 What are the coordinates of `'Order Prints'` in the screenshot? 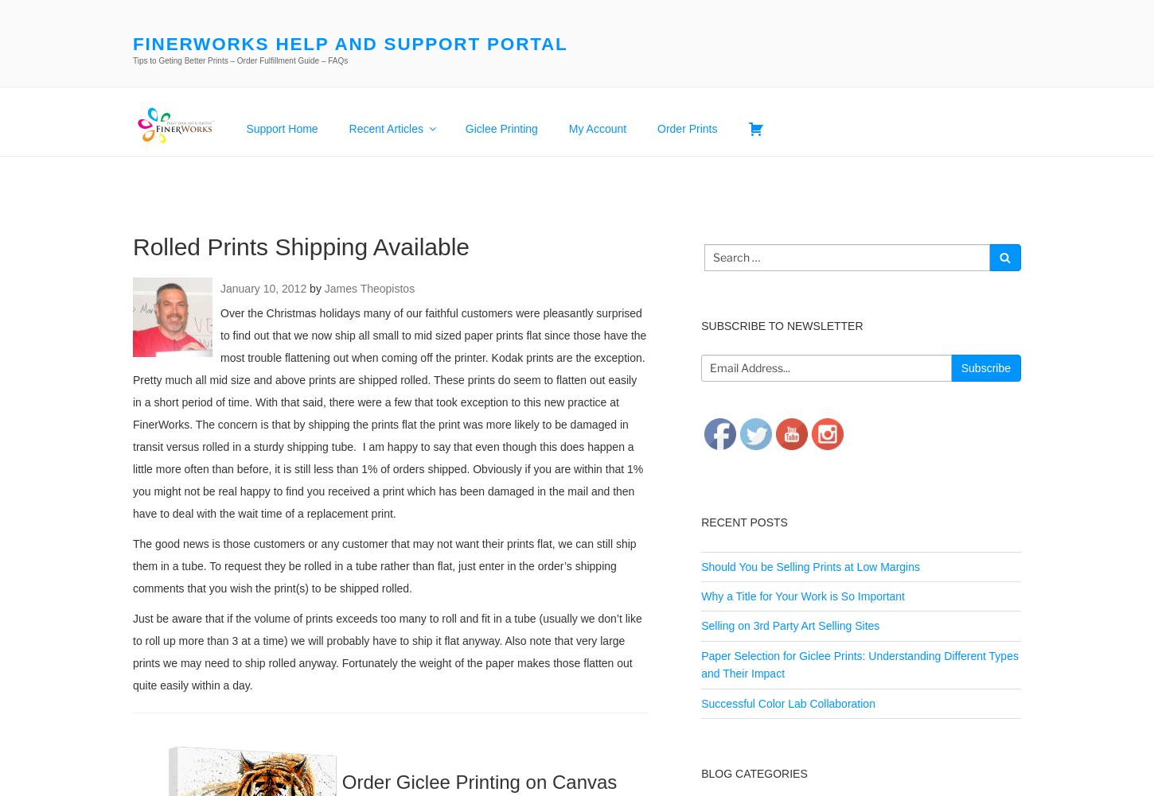 It's located at (686, 127).